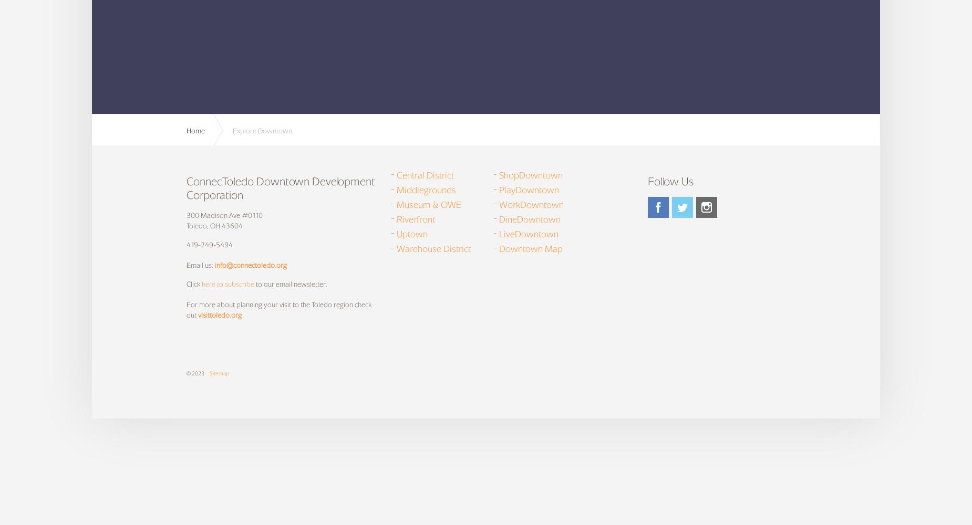 The height and width of the screenshot is (525, 972). Describe the element at coordinates (228, 283) in the screenshot. I see `'here to subscribe'` at that location.